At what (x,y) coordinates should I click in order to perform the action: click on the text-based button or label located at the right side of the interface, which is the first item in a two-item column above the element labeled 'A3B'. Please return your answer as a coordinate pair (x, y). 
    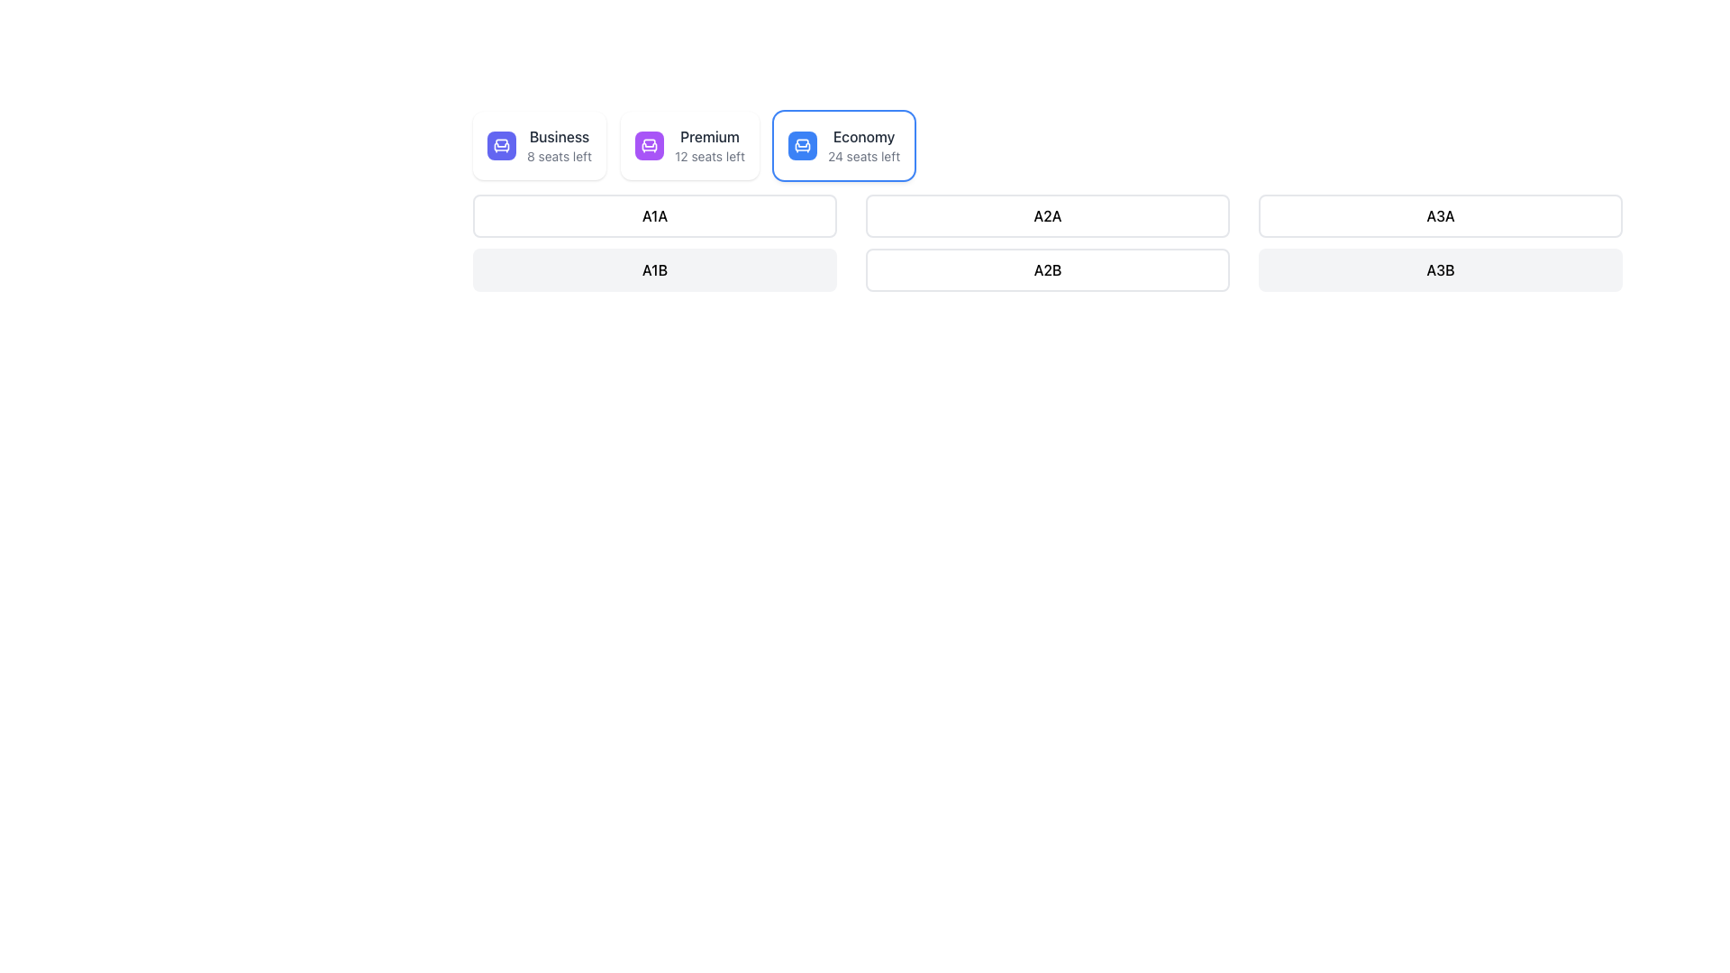
    Looking at the image, I should click on (1439, 214).